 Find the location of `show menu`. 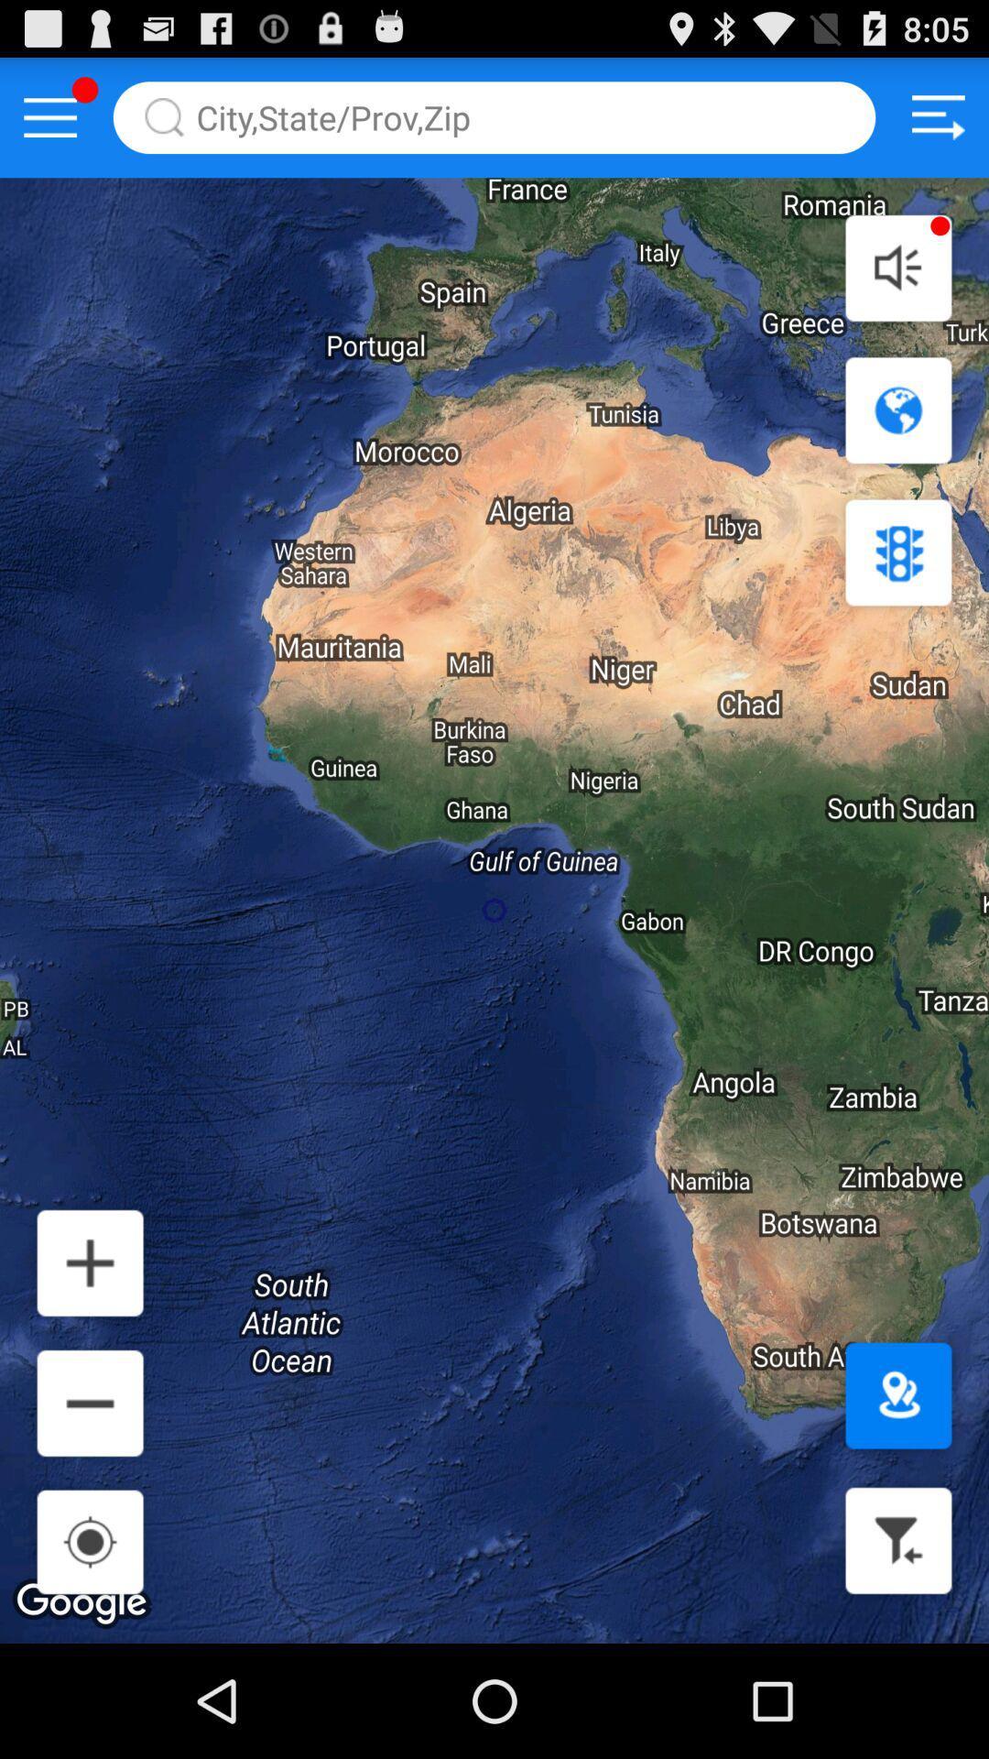

show menu is located at coordinates (49, 116).